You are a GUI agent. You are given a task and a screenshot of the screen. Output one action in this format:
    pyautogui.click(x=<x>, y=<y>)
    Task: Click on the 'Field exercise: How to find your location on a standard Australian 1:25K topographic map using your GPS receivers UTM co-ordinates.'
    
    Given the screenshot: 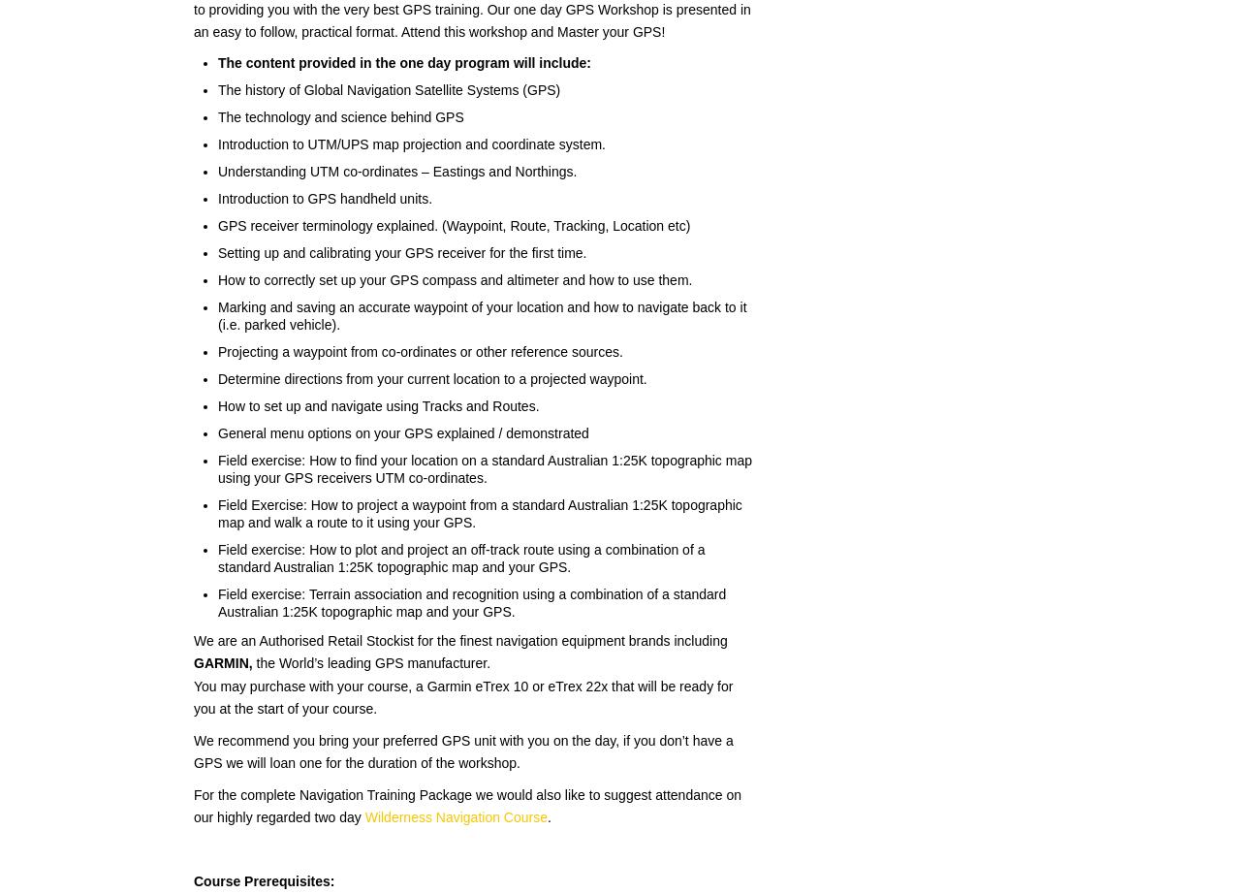 What is the action you would take?
    pyautogui.click(x=484, y=468)
    